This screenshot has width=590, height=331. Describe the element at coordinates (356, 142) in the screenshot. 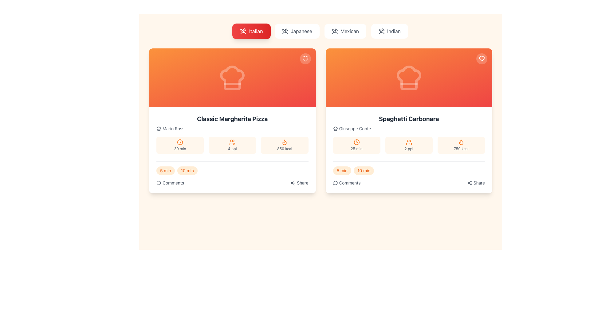

I see `circular stroke of the orange clock icon located within the second recipe card titled 'Spaghetti Carbonara', which is displayed alongside the preparation time text ('25 min')` at that location.